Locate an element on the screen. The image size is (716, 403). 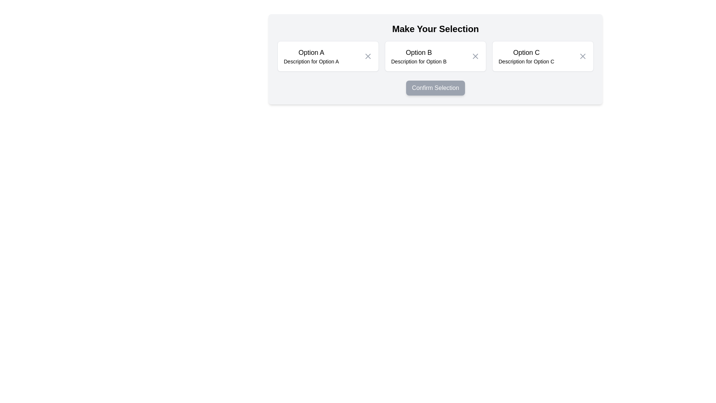
the descriptive text area displaying 'Description for Option C', which is located below the heading 'Option C' and positioned at the center-right of the page is located at coordinates (526, 61).